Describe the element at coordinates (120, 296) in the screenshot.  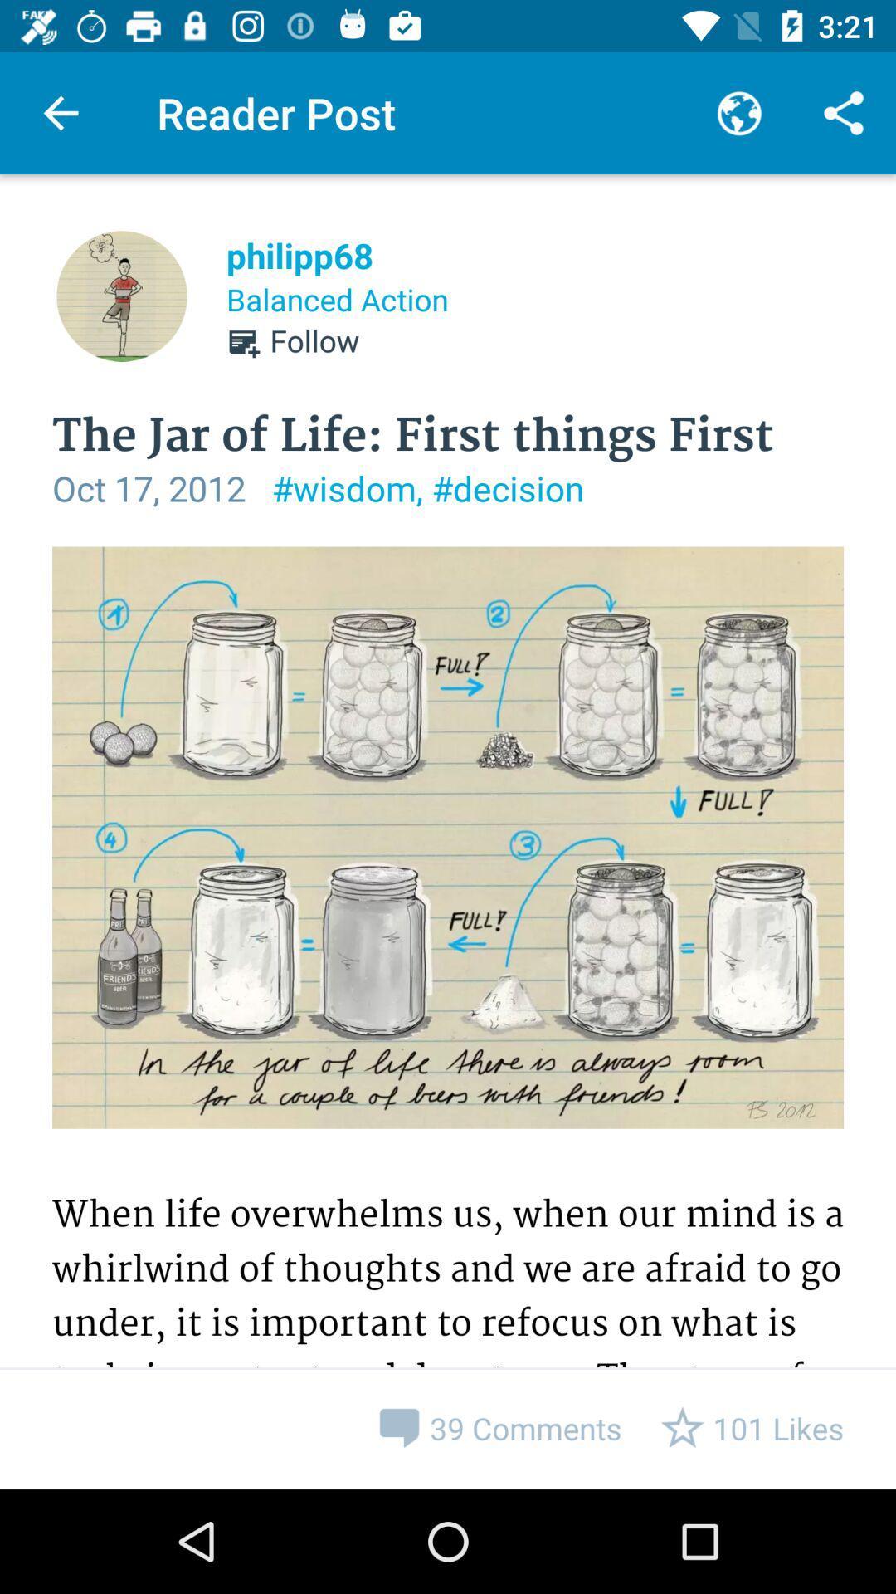
I see `the avatar icon` at that location.